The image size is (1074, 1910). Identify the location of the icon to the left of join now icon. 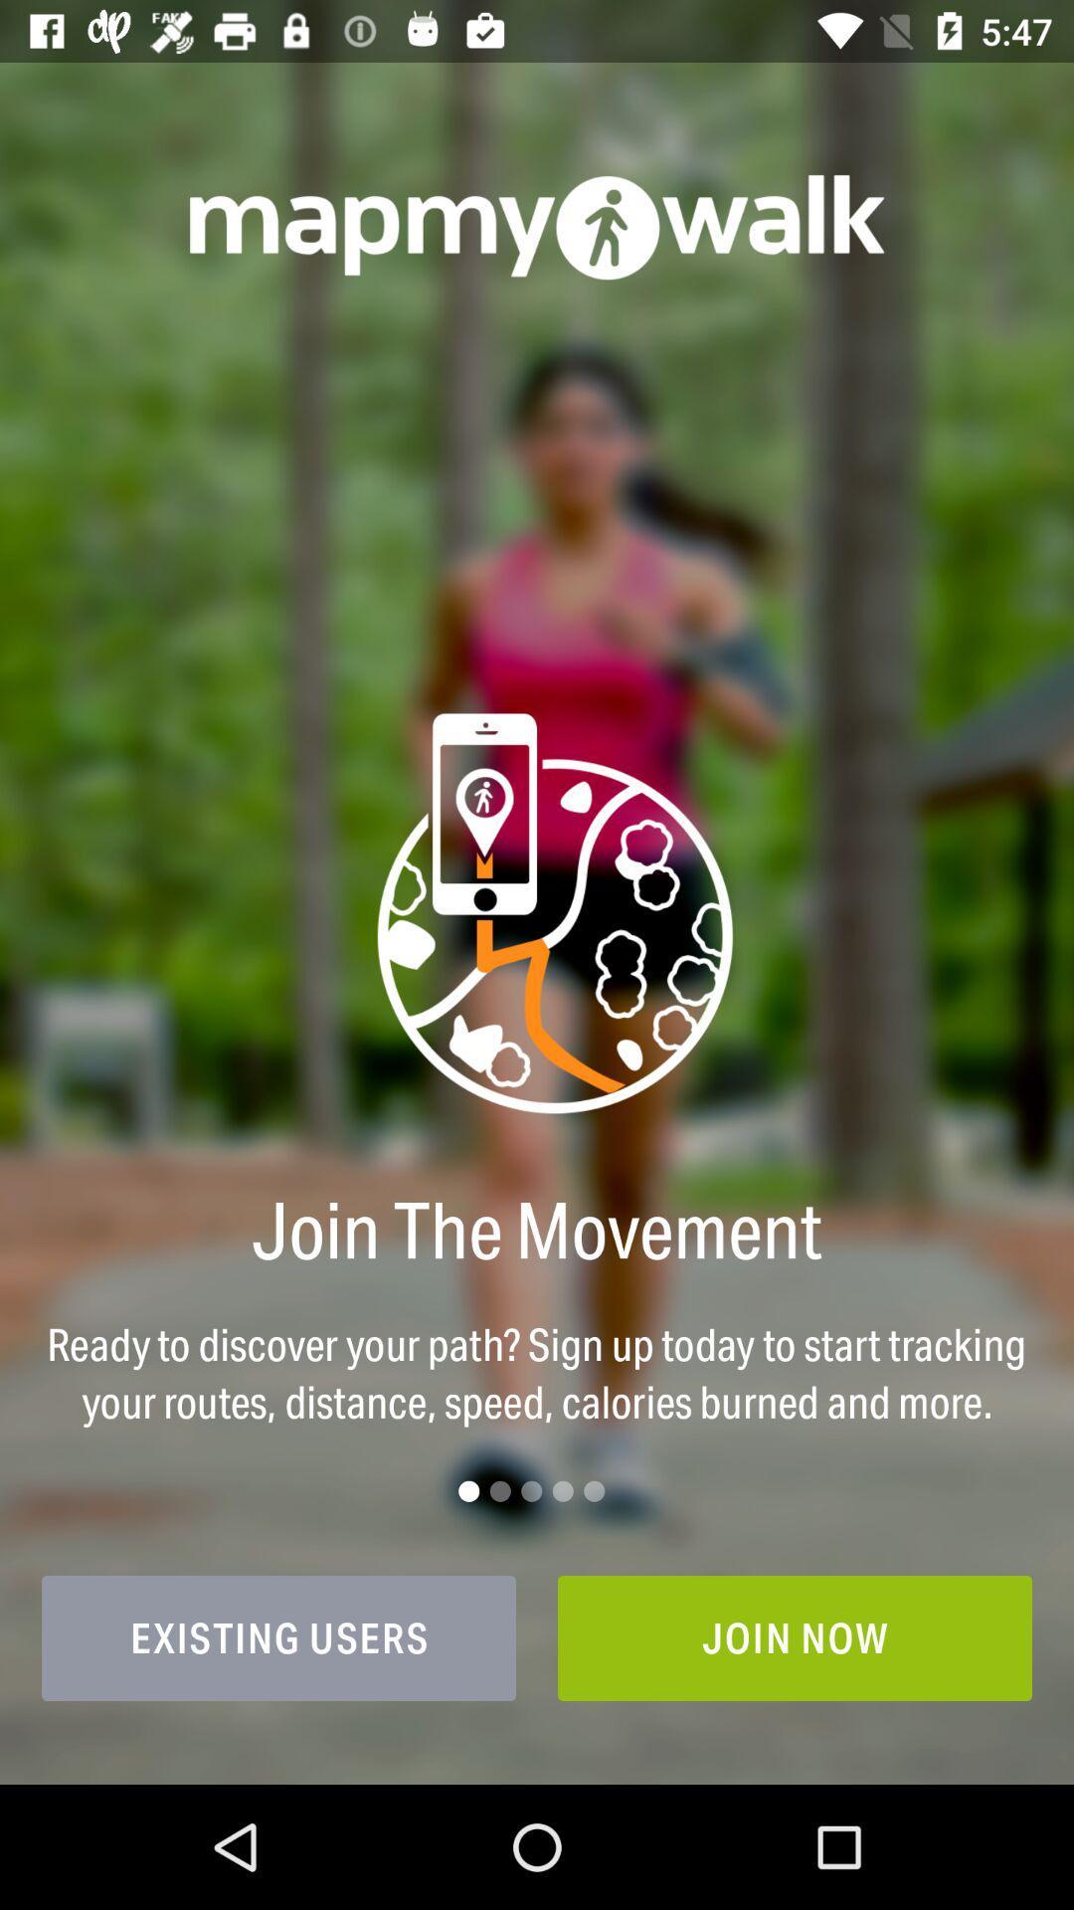
(278, 1637).